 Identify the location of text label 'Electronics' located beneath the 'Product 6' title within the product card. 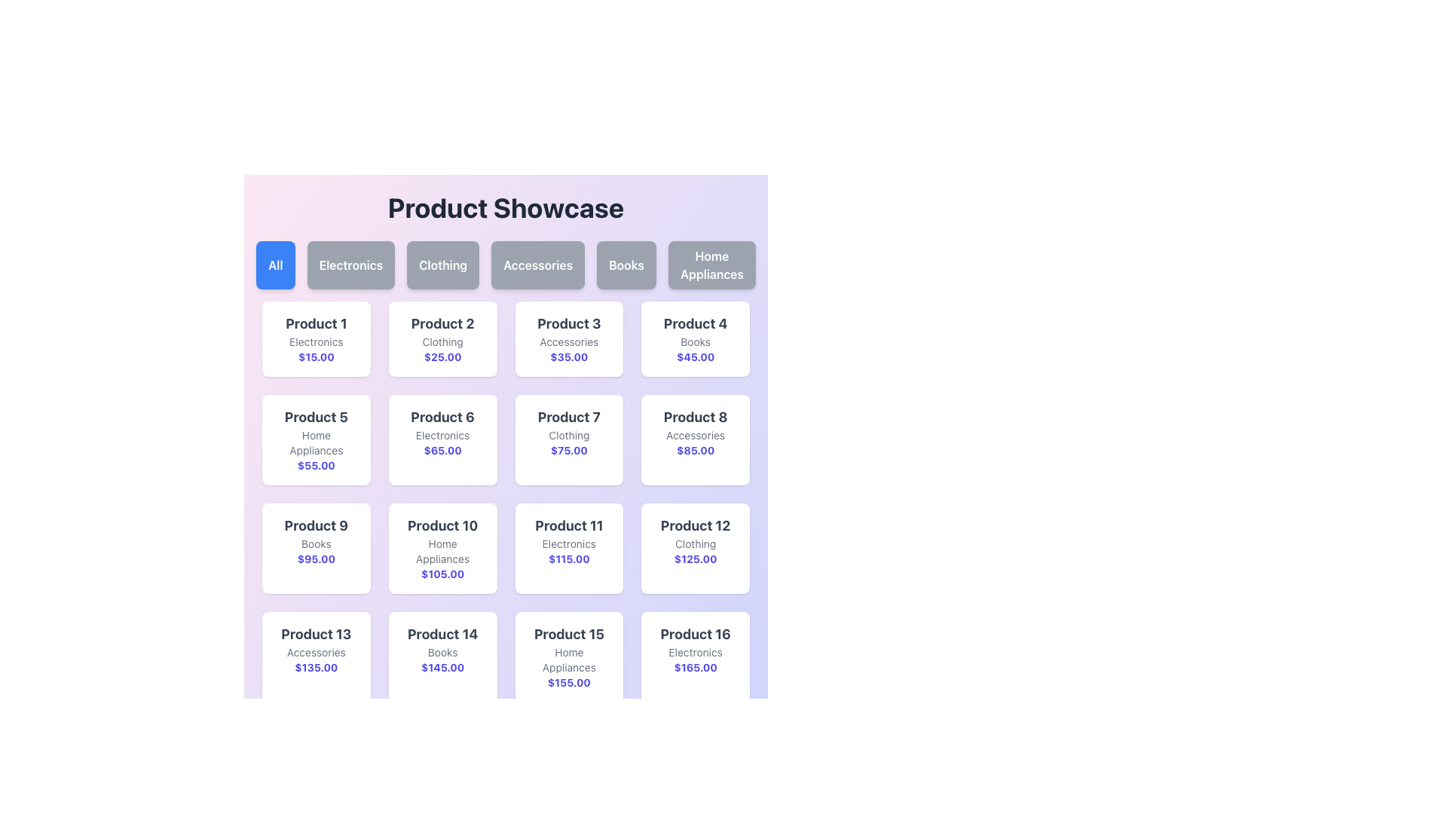
(442, 436).